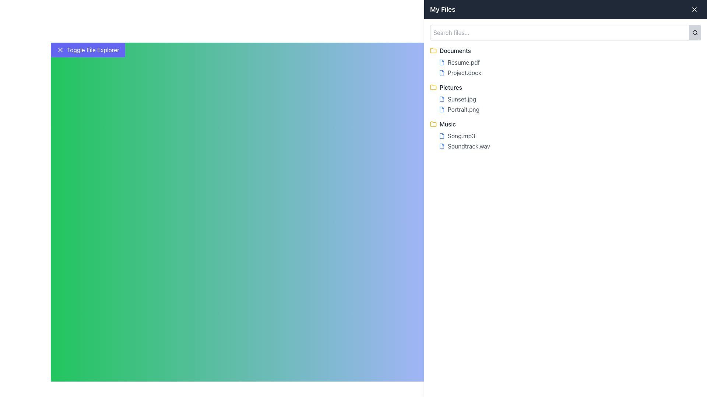 The width and height of the screenshot is (707, 397). I want to click on the diagonal line of the 'X' icon in the top-right corner of the interface, which is part of a close button, so click(694, 10).